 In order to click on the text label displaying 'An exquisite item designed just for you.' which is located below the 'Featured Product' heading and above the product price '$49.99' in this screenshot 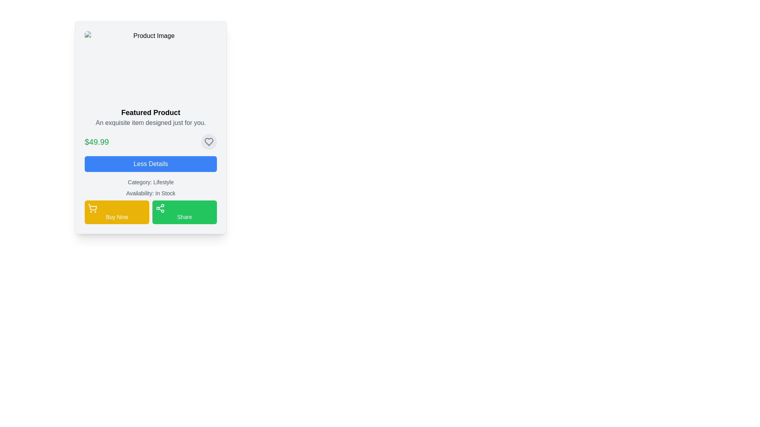, I will do `click(150, 123)`.